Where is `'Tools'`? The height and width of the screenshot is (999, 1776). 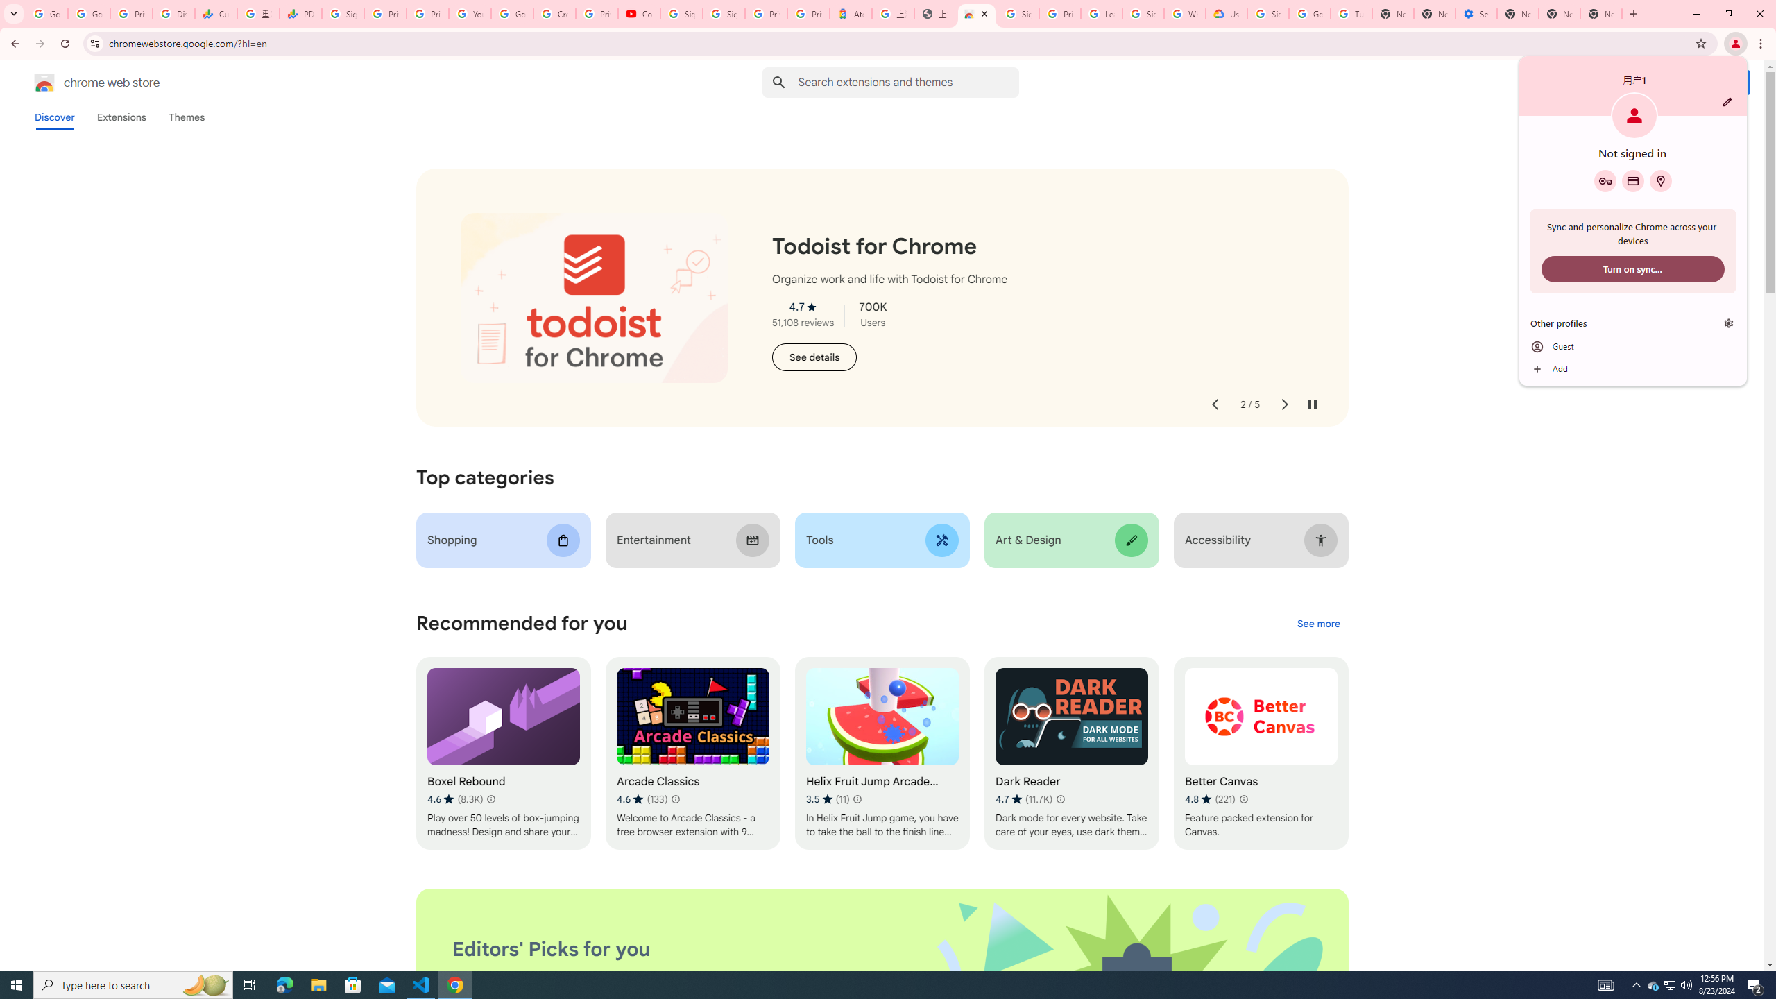
'Tools' is located at coordinates (882, 540).